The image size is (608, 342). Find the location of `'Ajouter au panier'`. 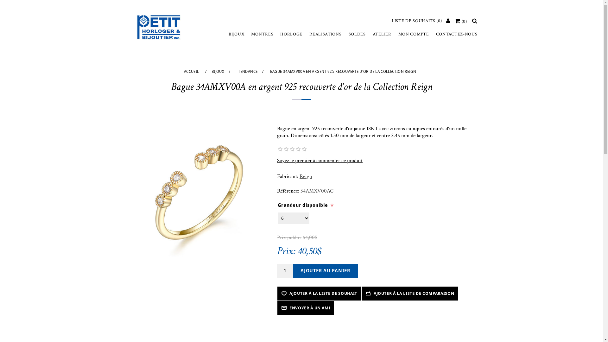

'Ajouter au panier' is located at coordinates (325, 271).